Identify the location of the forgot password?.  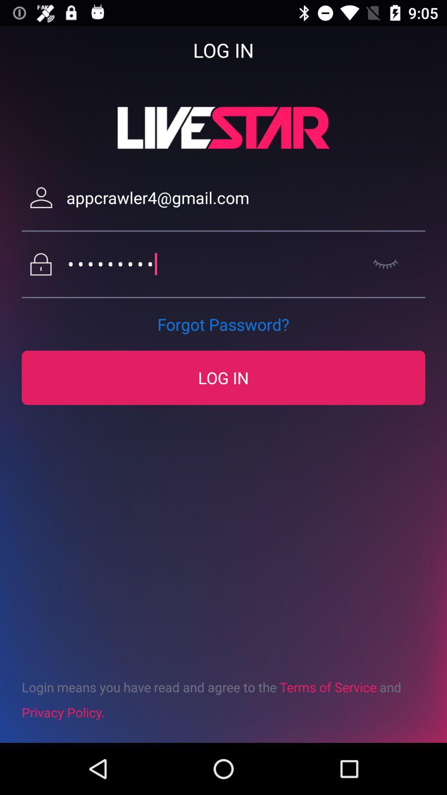
(223, 324).